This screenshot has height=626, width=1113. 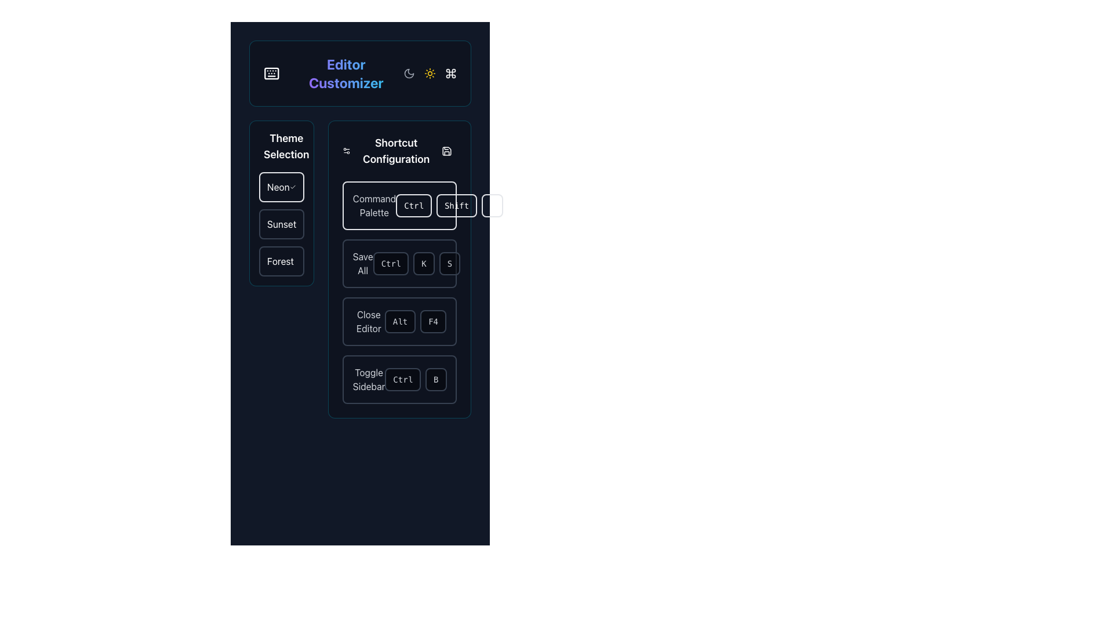 What do you see at coordinates (446, 151) in the screenshot?
I see `the cyan rectangular icon with rounded edges located at the top right corner of the 'Shortcut Configuration' section` at bounding box center [446, 151].